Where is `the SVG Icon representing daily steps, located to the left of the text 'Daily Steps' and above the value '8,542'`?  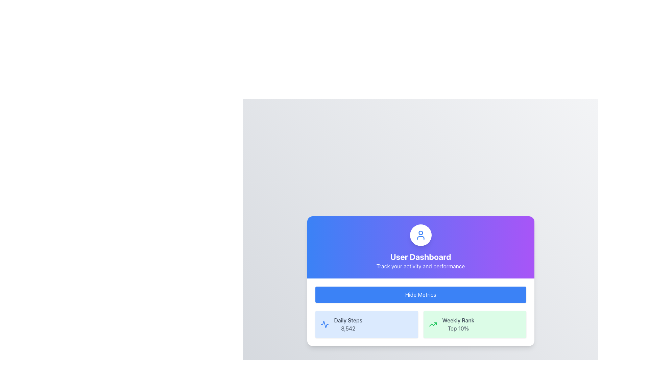 the SVG Icon representing daily steps, located to the left of the text 'Daily Steps' and above the value '8,542' is located at coordinates (324, 324).